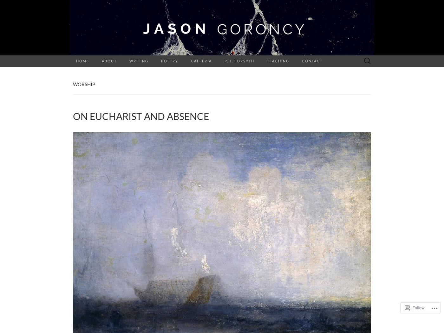  Describe the element at coordinates (169, 61) in the screenshot. I see `'Poetry'` at that location.